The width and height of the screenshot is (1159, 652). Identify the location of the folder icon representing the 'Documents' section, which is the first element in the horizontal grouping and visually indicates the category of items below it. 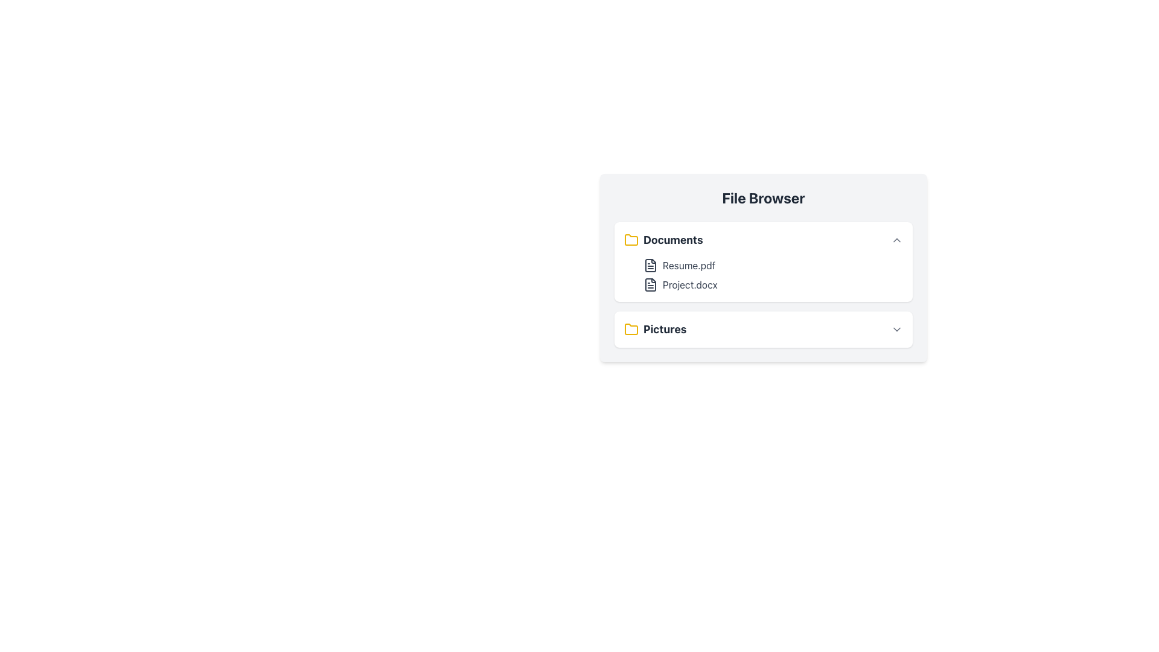
(631, 240).